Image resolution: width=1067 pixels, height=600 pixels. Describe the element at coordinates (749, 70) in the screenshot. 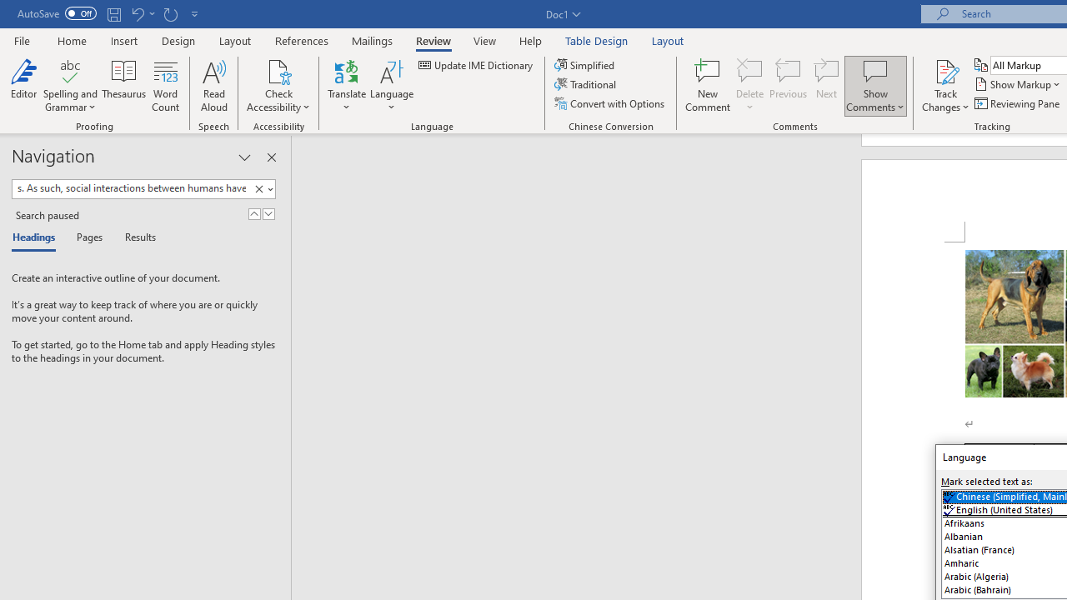

I see `'Delete'` at that location.